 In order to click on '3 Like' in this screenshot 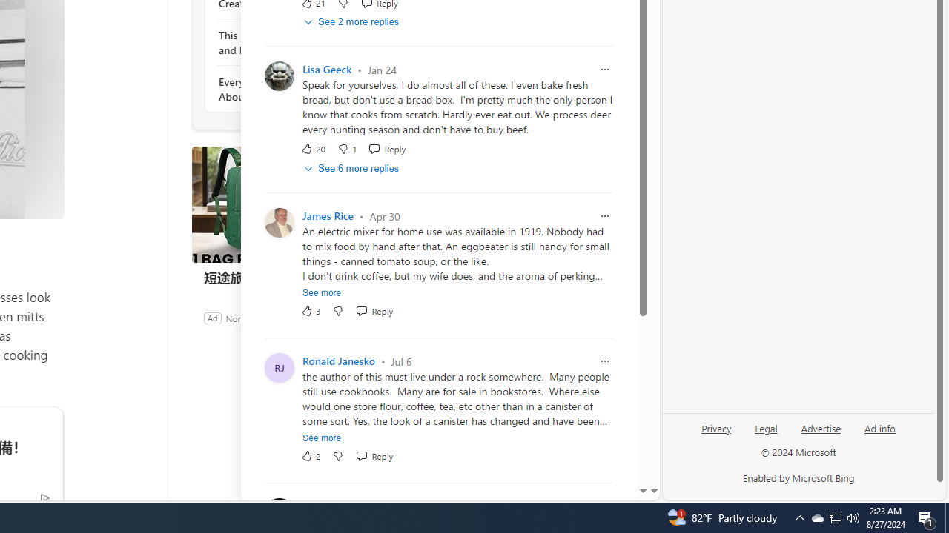, I will do `click(310, 310)`.